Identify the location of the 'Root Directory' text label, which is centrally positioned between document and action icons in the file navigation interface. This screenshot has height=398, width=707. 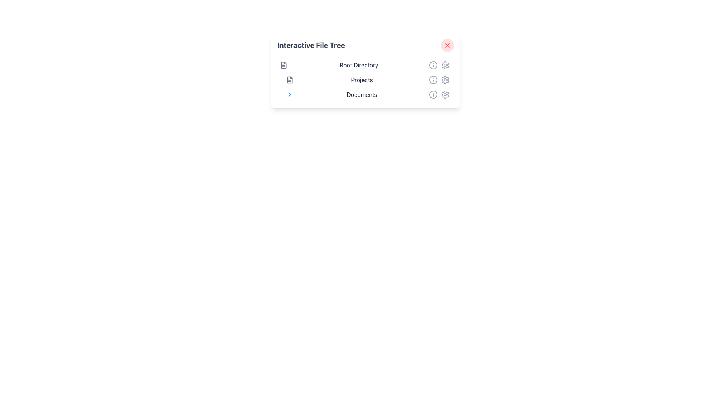
(359, 65).